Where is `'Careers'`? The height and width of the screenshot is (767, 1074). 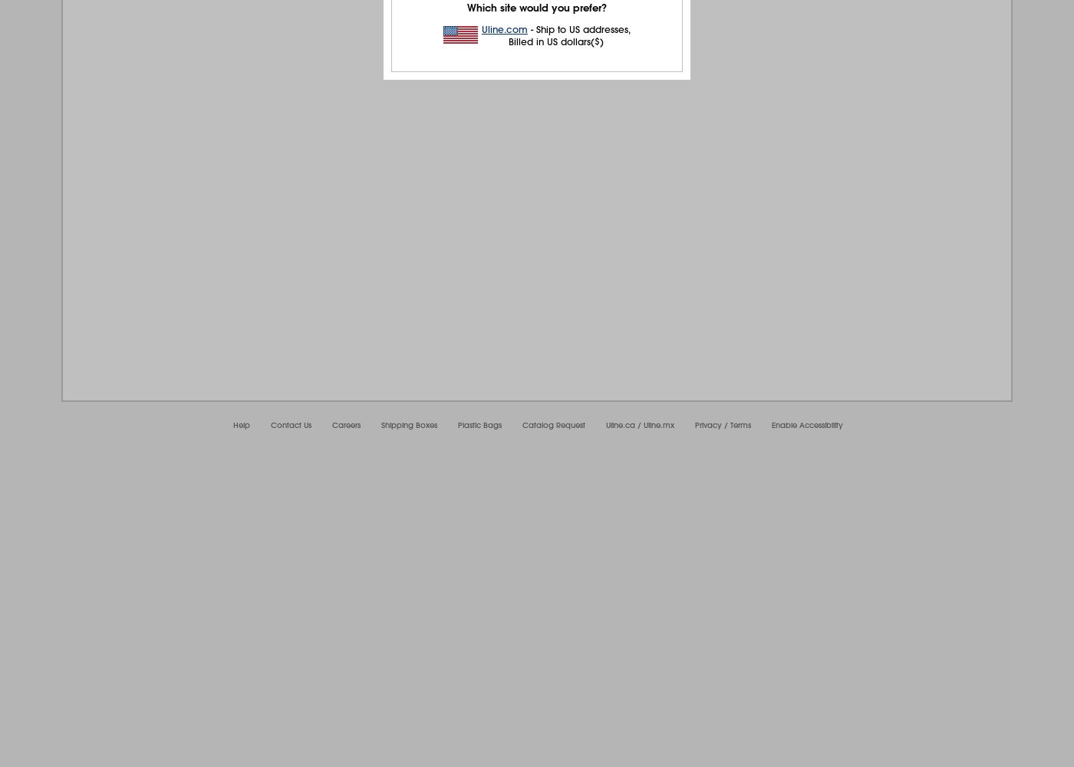 'Careers' is located at coordinates (345, 425).